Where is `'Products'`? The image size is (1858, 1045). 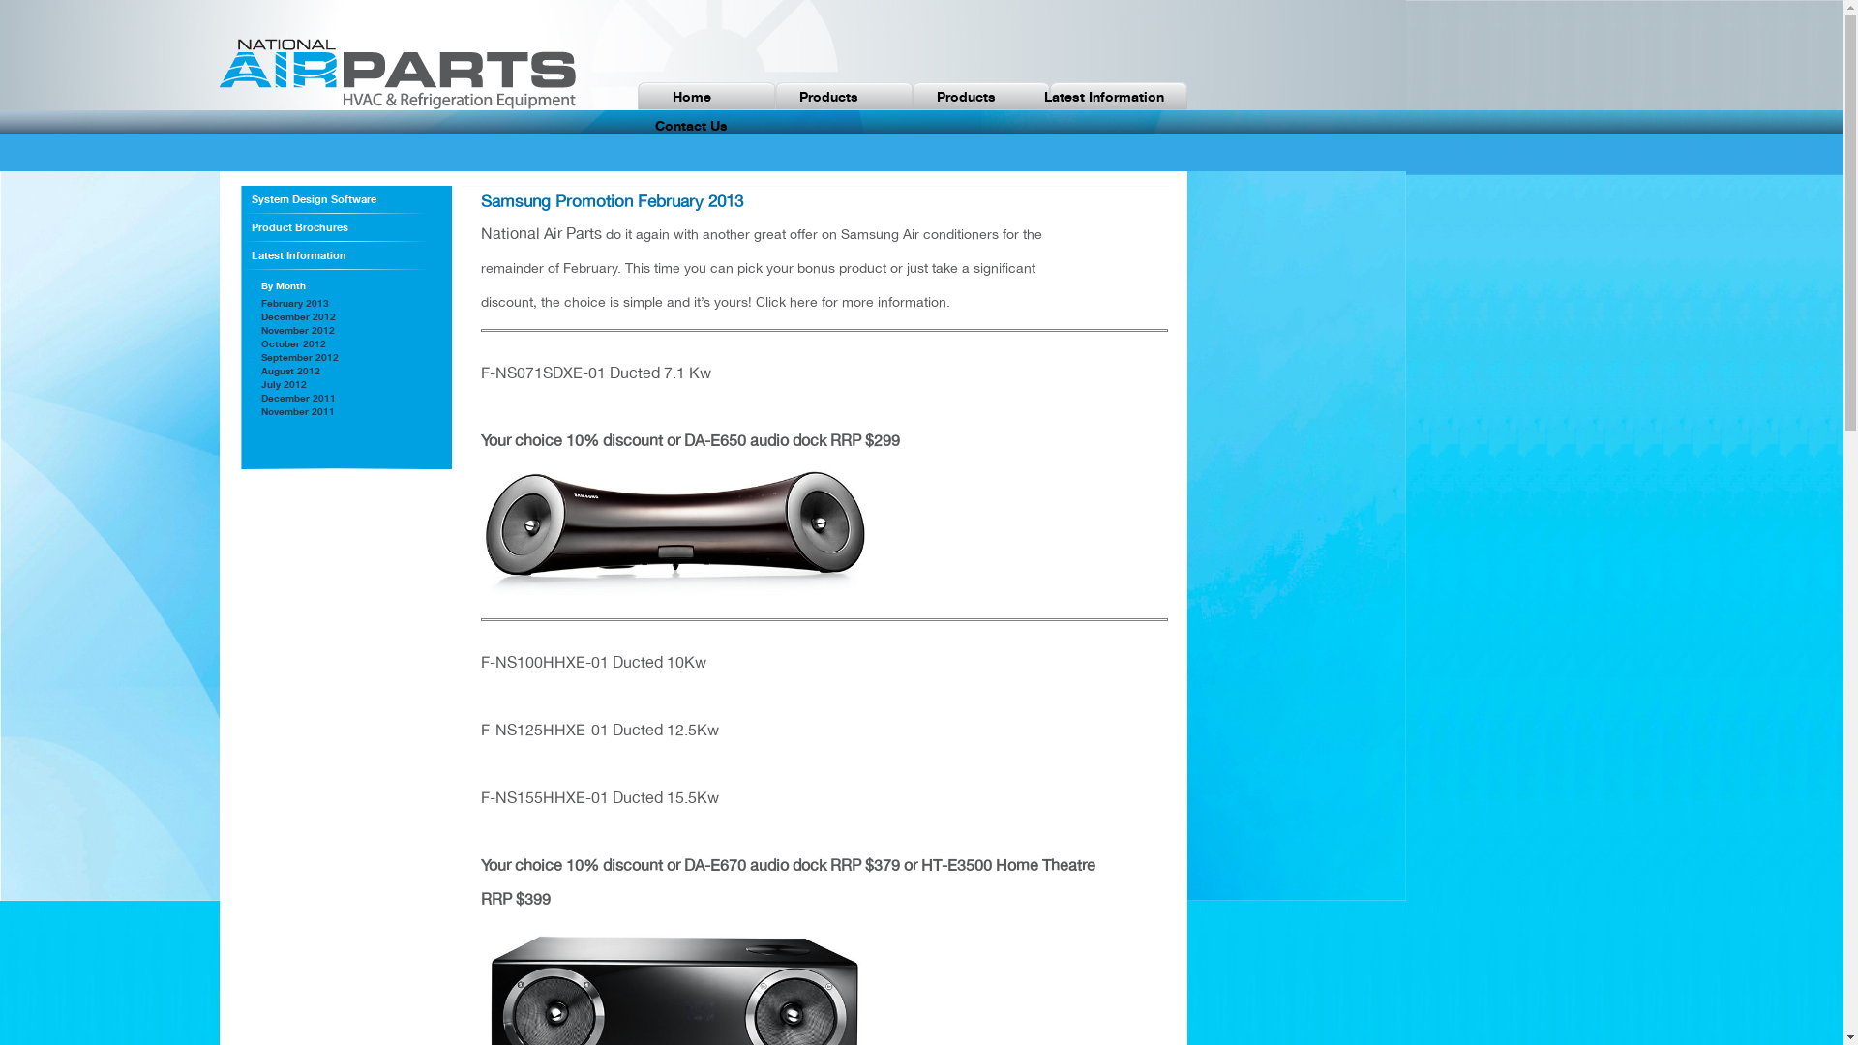 'Products' is located at coordinates (760, 97).